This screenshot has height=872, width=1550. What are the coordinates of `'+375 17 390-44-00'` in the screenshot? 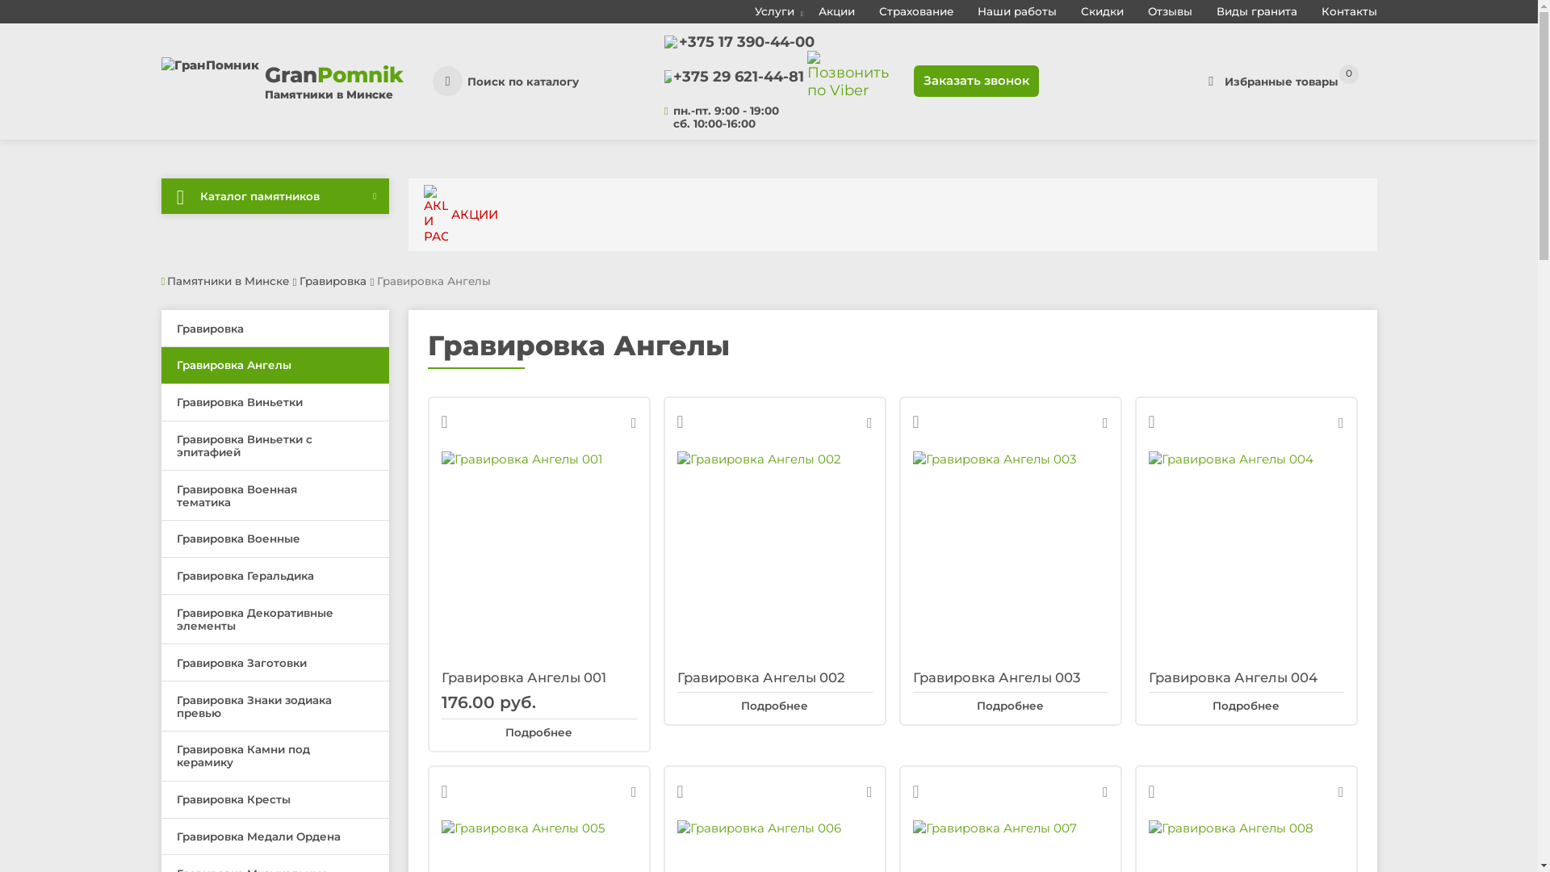 It's located at (746, 40).